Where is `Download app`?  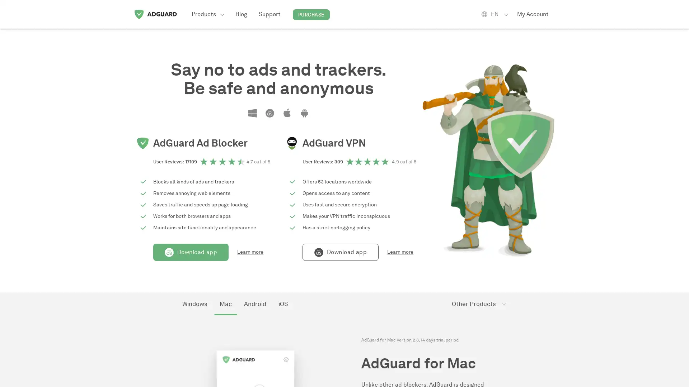 Download app is located at coordinates (191, 252).